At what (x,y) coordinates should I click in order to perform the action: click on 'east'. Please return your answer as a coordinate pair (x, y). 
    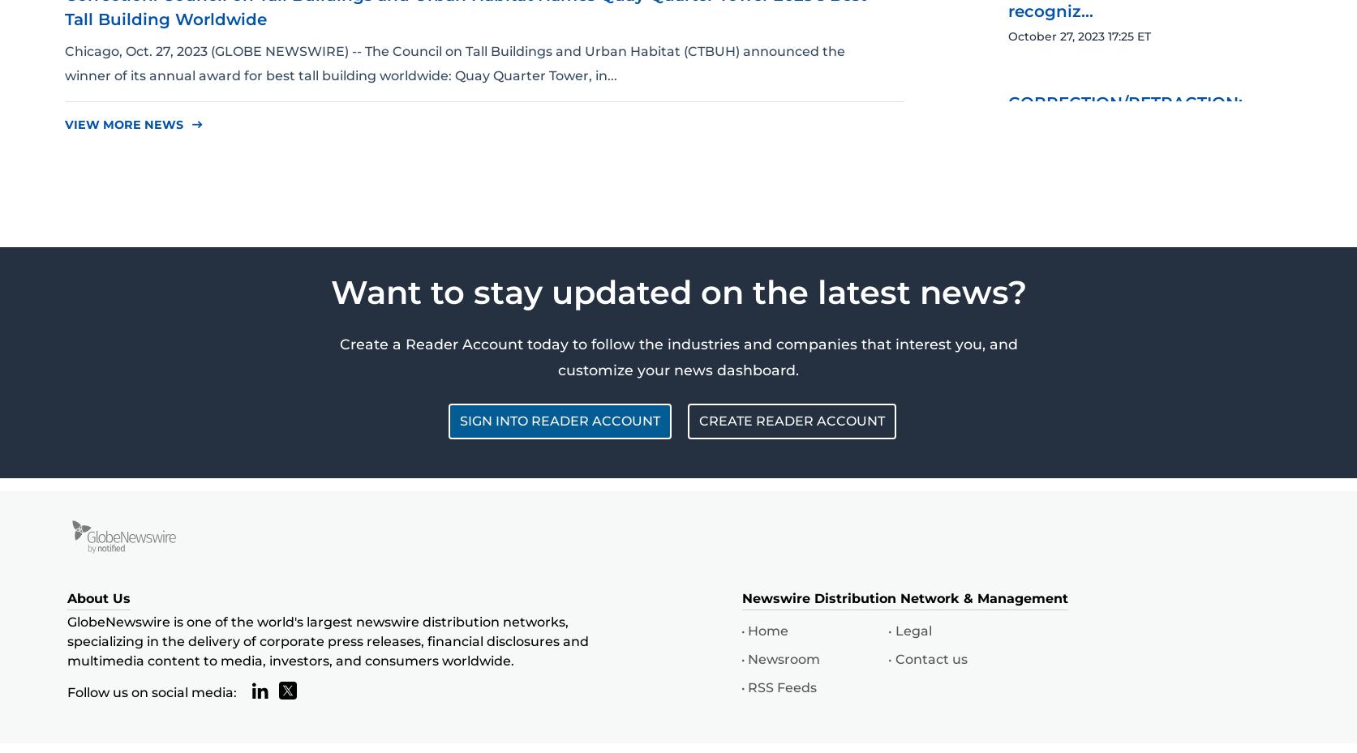
    Looking at the image, I should click on (191, 124).